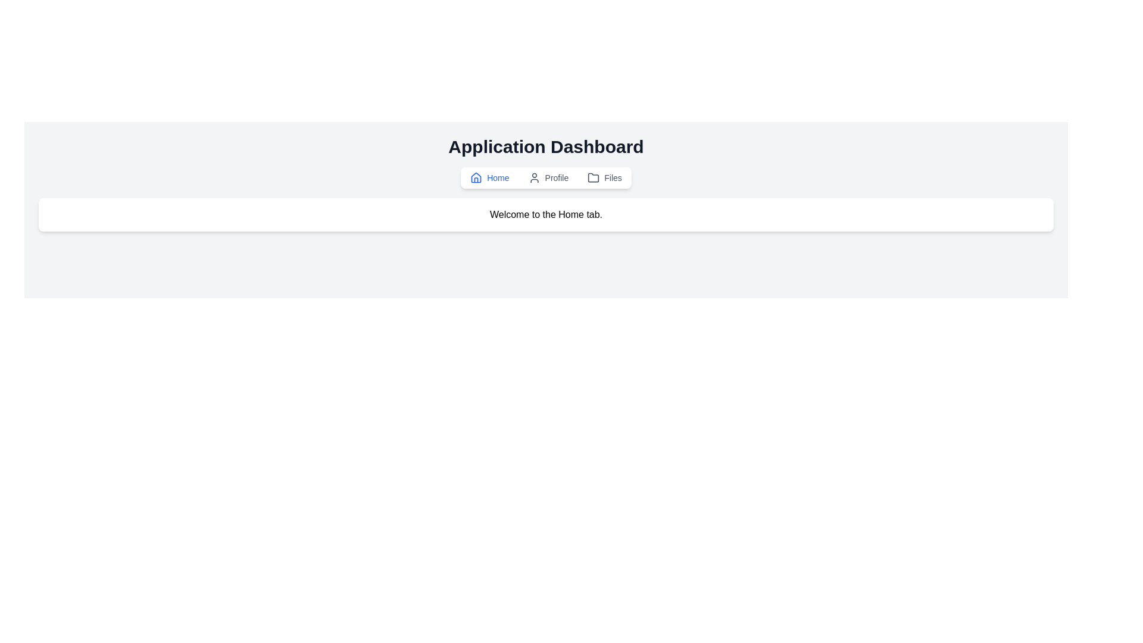 This screenshot has height=643, width=1143. Describe the element at coordinates (548, 178) in the screenshot. I see `the 'Profile' navigation button located in the middle of the horizontal navigation bar` at that location.